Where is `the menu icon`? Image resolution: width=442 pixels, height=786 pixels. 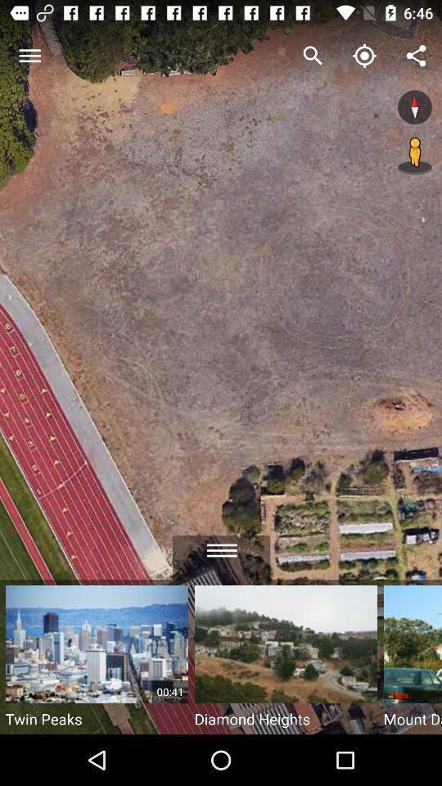 the menu icon is located at coordinates (221, 544).